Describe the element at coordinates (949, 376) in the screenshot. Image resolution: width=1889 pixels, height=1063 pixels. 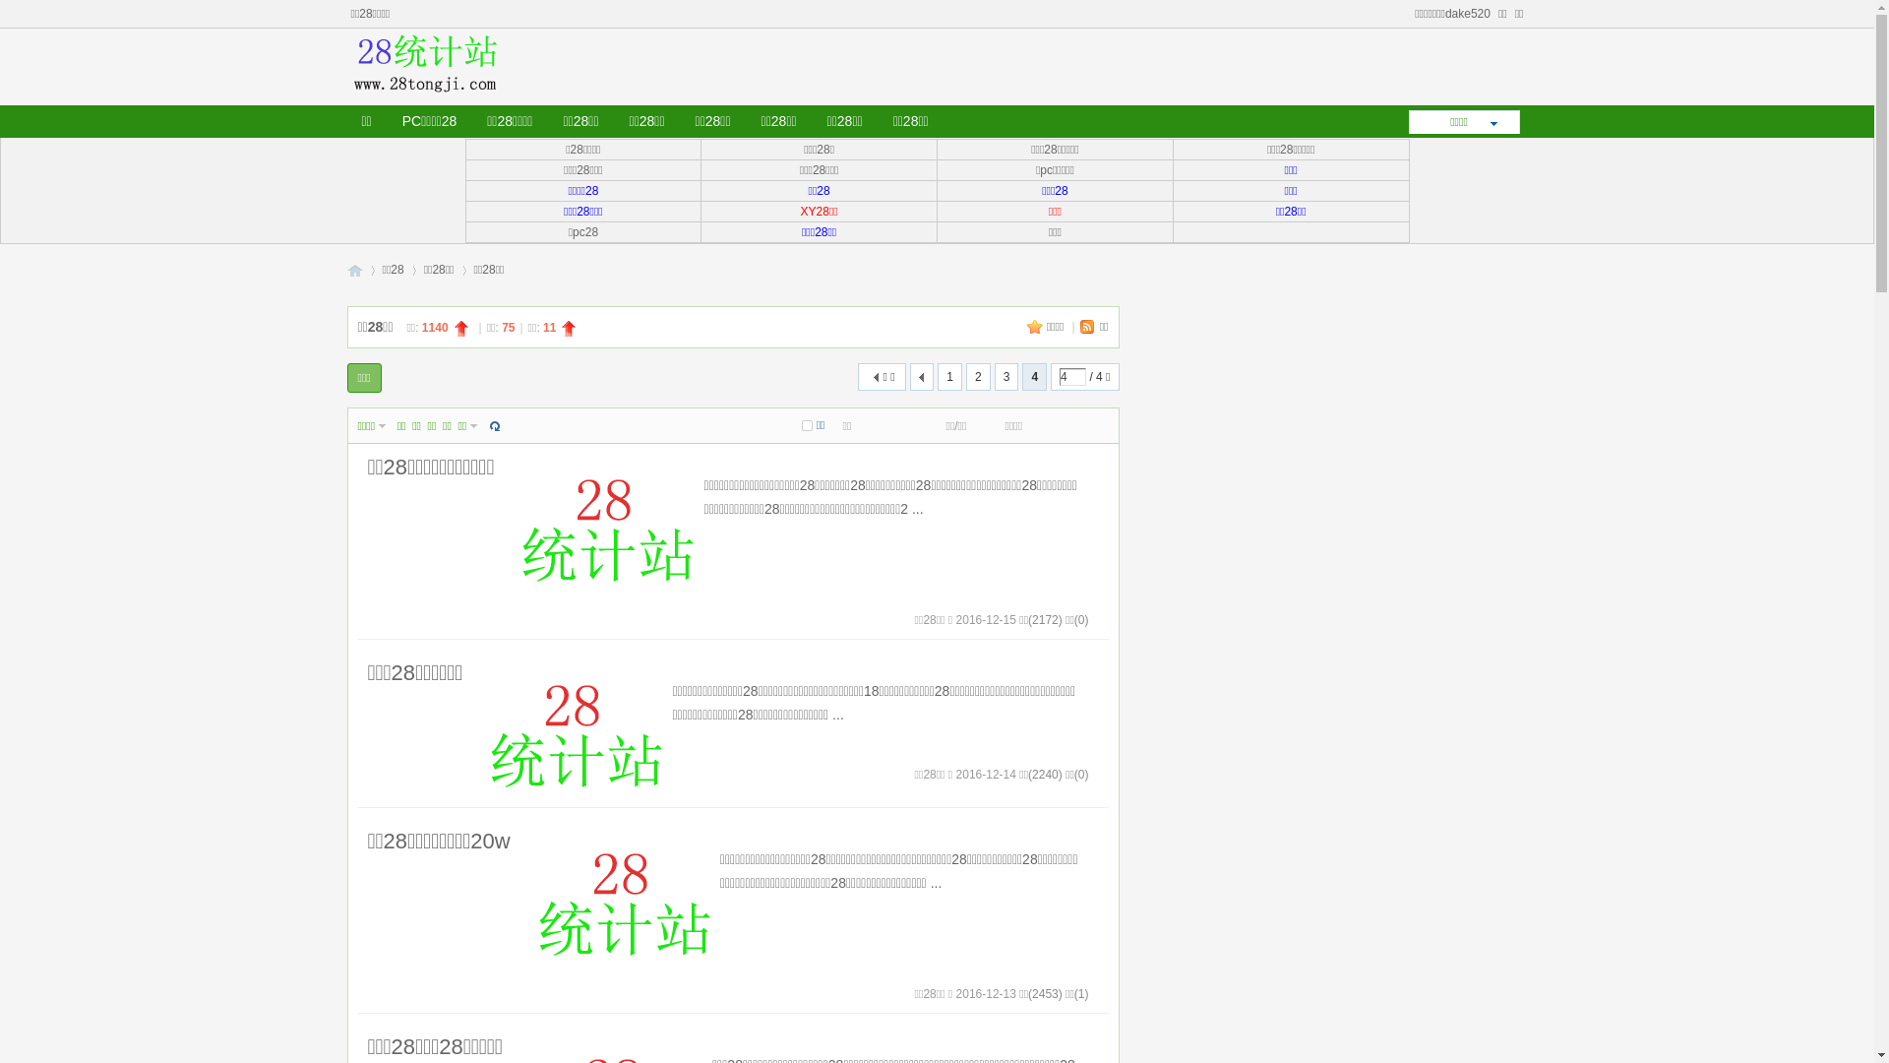
I see `'1'` at that location.